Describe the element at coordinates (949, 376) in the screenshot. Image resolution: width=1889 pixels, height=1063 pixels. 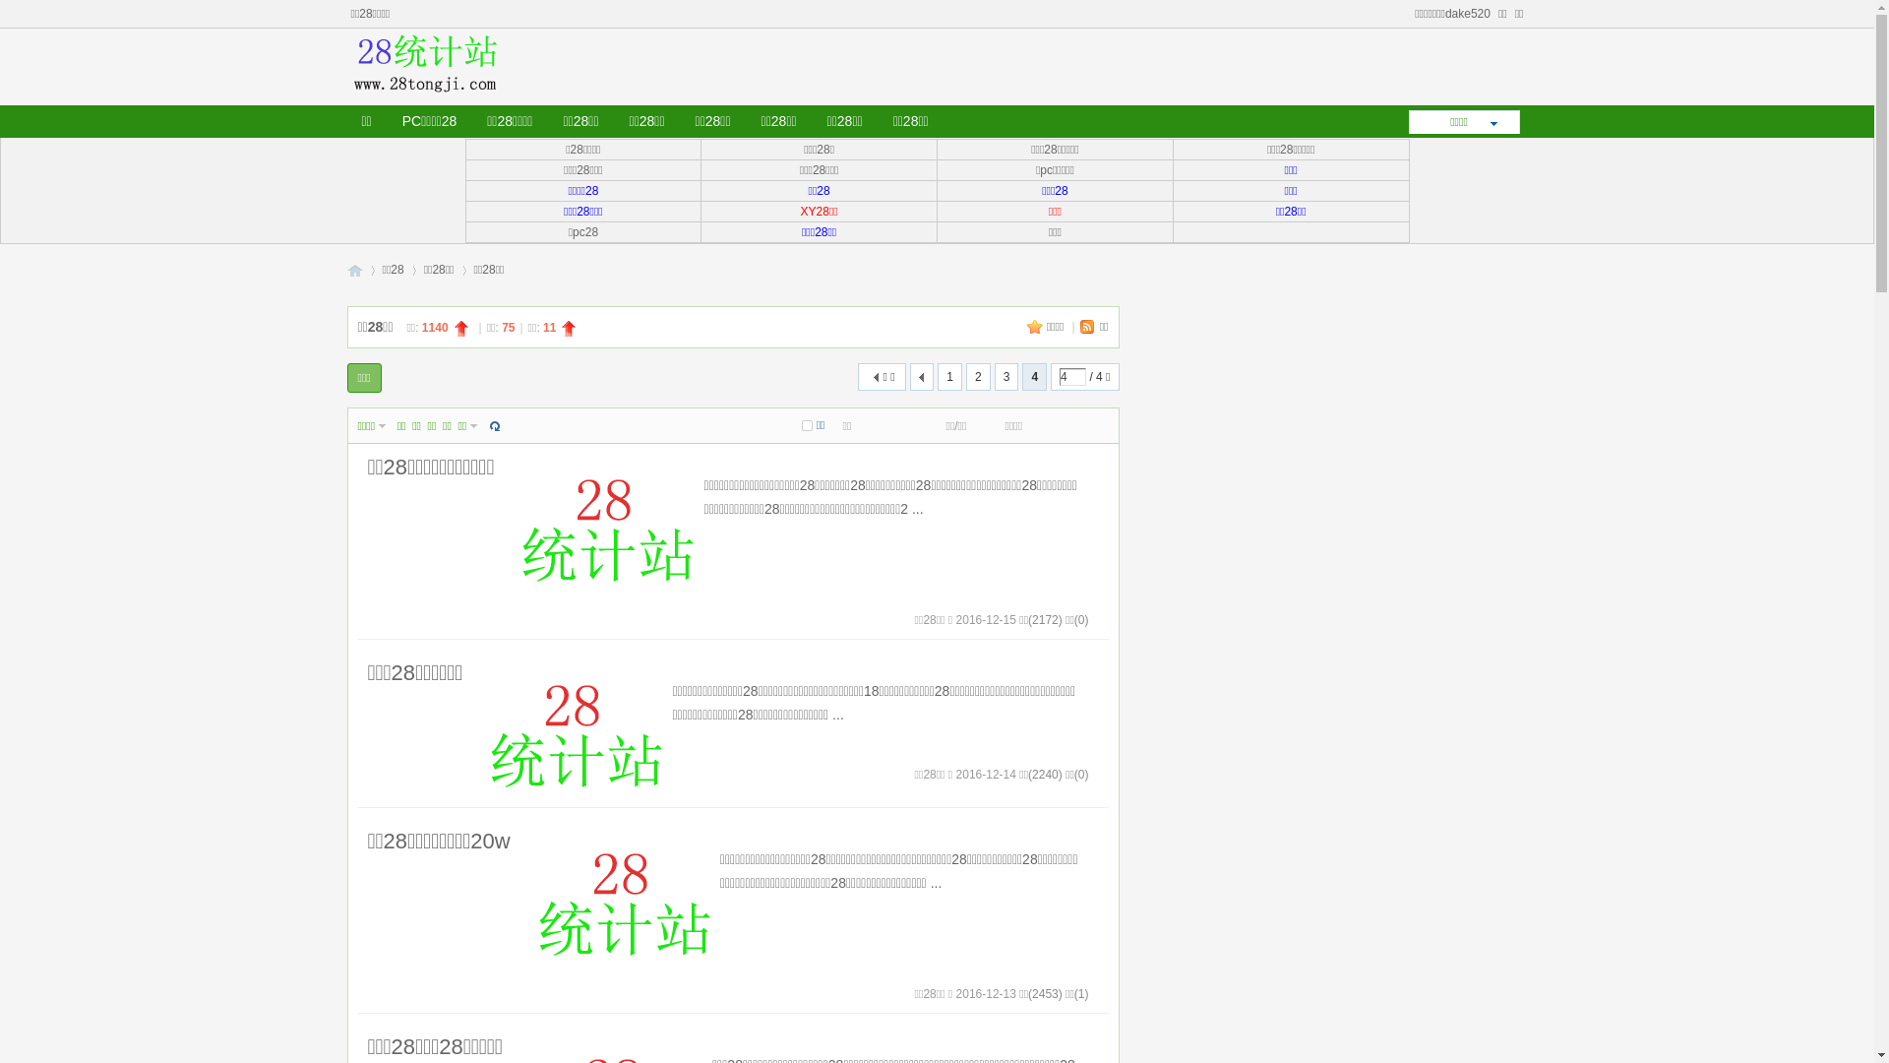
I see `'1'` at that location.